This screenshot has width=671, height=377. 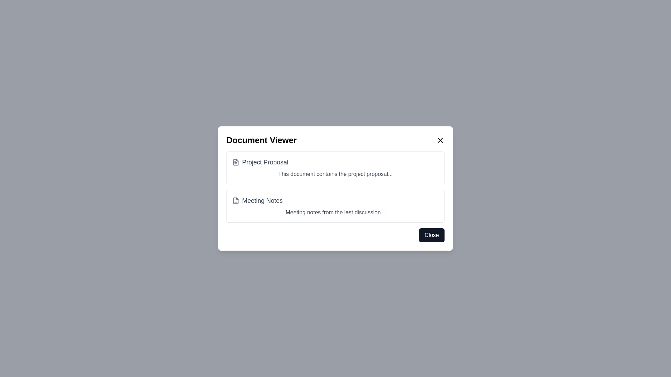 I want to click on the descriptive text display element located under the 'Project Proposal' heading, which provides information about the project proposal, so click(x=335, y=173).